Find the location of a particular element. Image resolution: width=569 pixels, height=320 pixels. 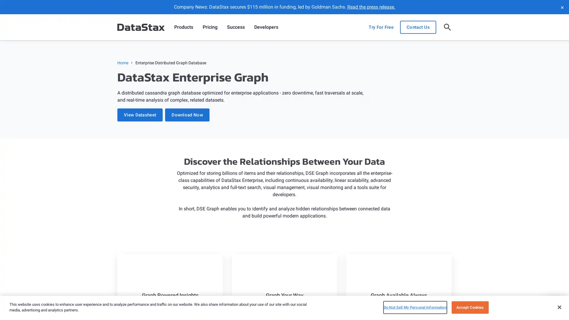

Success is located at coordinates (236, 27).